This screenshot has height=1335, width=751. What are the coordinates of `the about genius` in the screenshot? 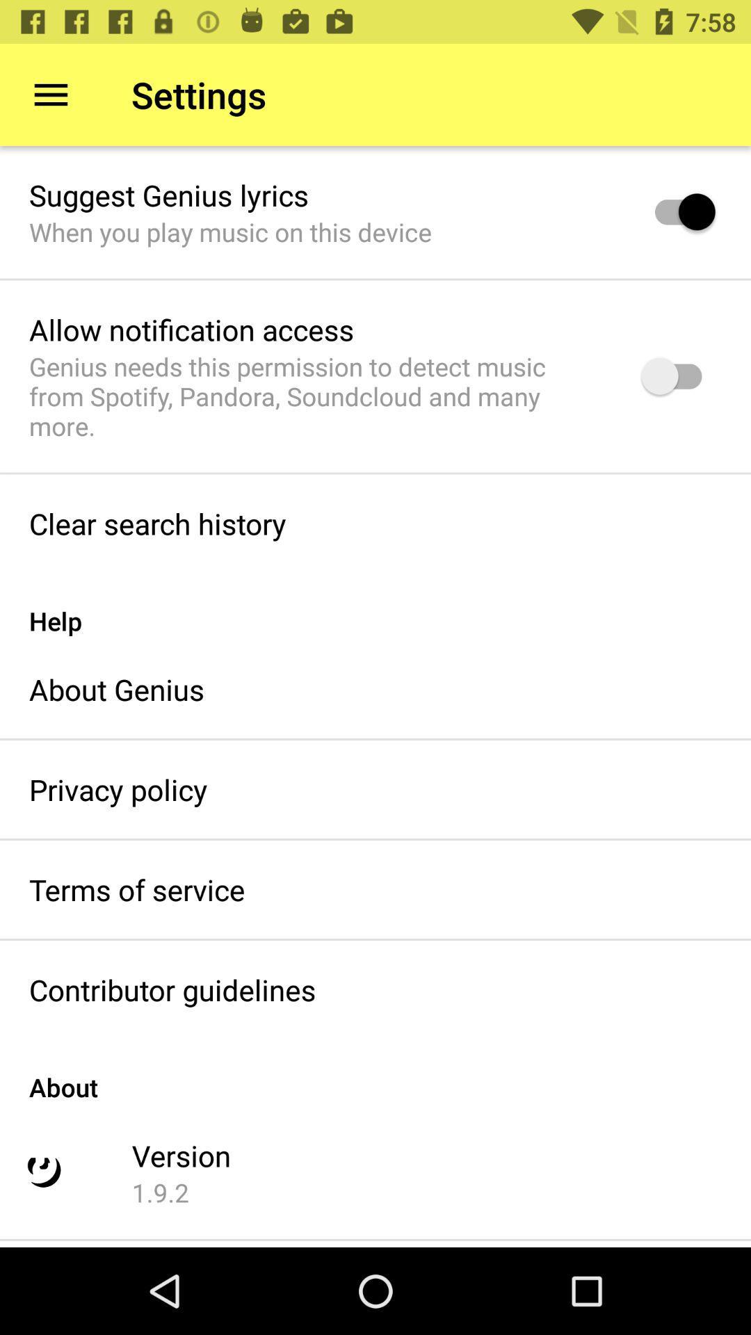 It's located at (116, 689).